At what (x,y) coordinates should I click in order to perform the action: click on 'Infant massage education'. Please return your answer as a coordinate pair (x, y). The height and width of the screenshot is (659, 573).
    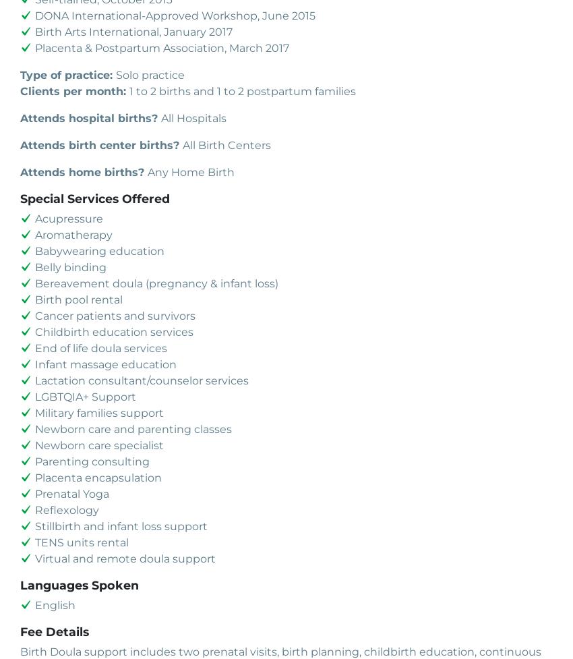
    Looking at the image, I should click on (105, 363).